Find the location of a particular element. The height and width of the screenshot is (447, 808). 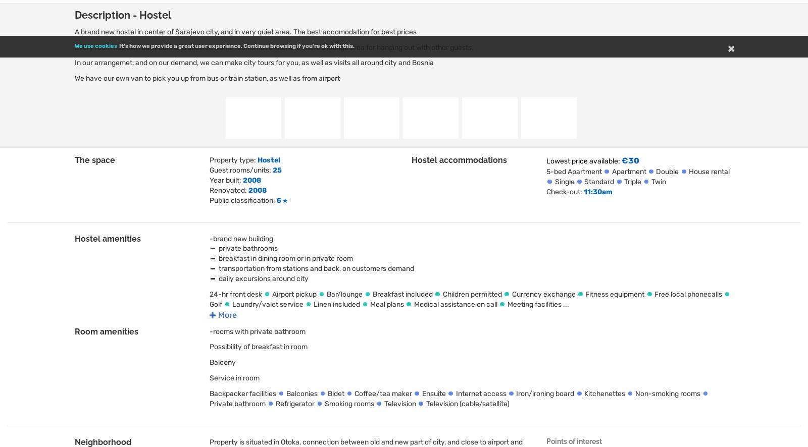

'Children permitted' is located at coordinates (471, 293).